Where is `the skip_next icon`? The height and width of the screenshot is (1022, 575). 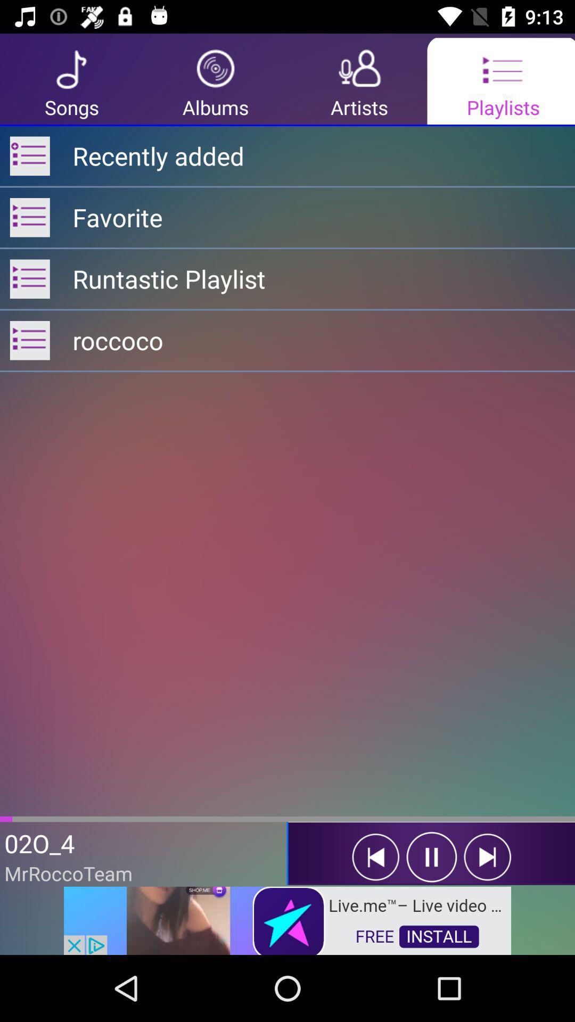 the skip_next icon is located at coordinates (487, 857).